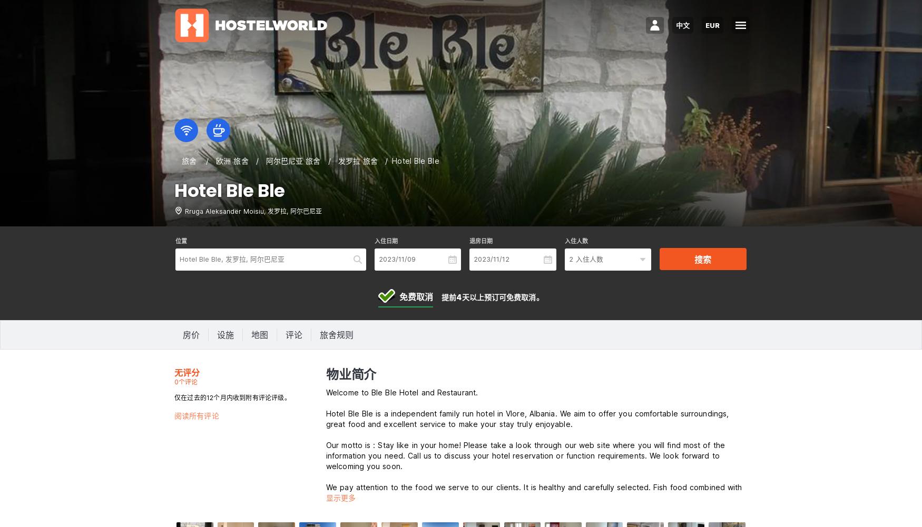 The height and width of the screenshot is (527, 922). I want to click on '2023/11/12', so click(491, 258).